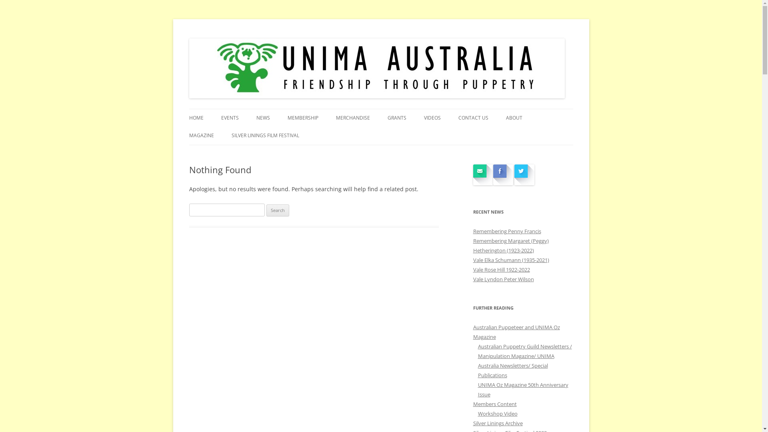 Image resolution: width=768 pixels, height=432 pixels. Describe the element at coordinates (516, 332) in the screenshot. I see `'Australian Puppeteer and UNIMA Oz Magazine'` at that location.